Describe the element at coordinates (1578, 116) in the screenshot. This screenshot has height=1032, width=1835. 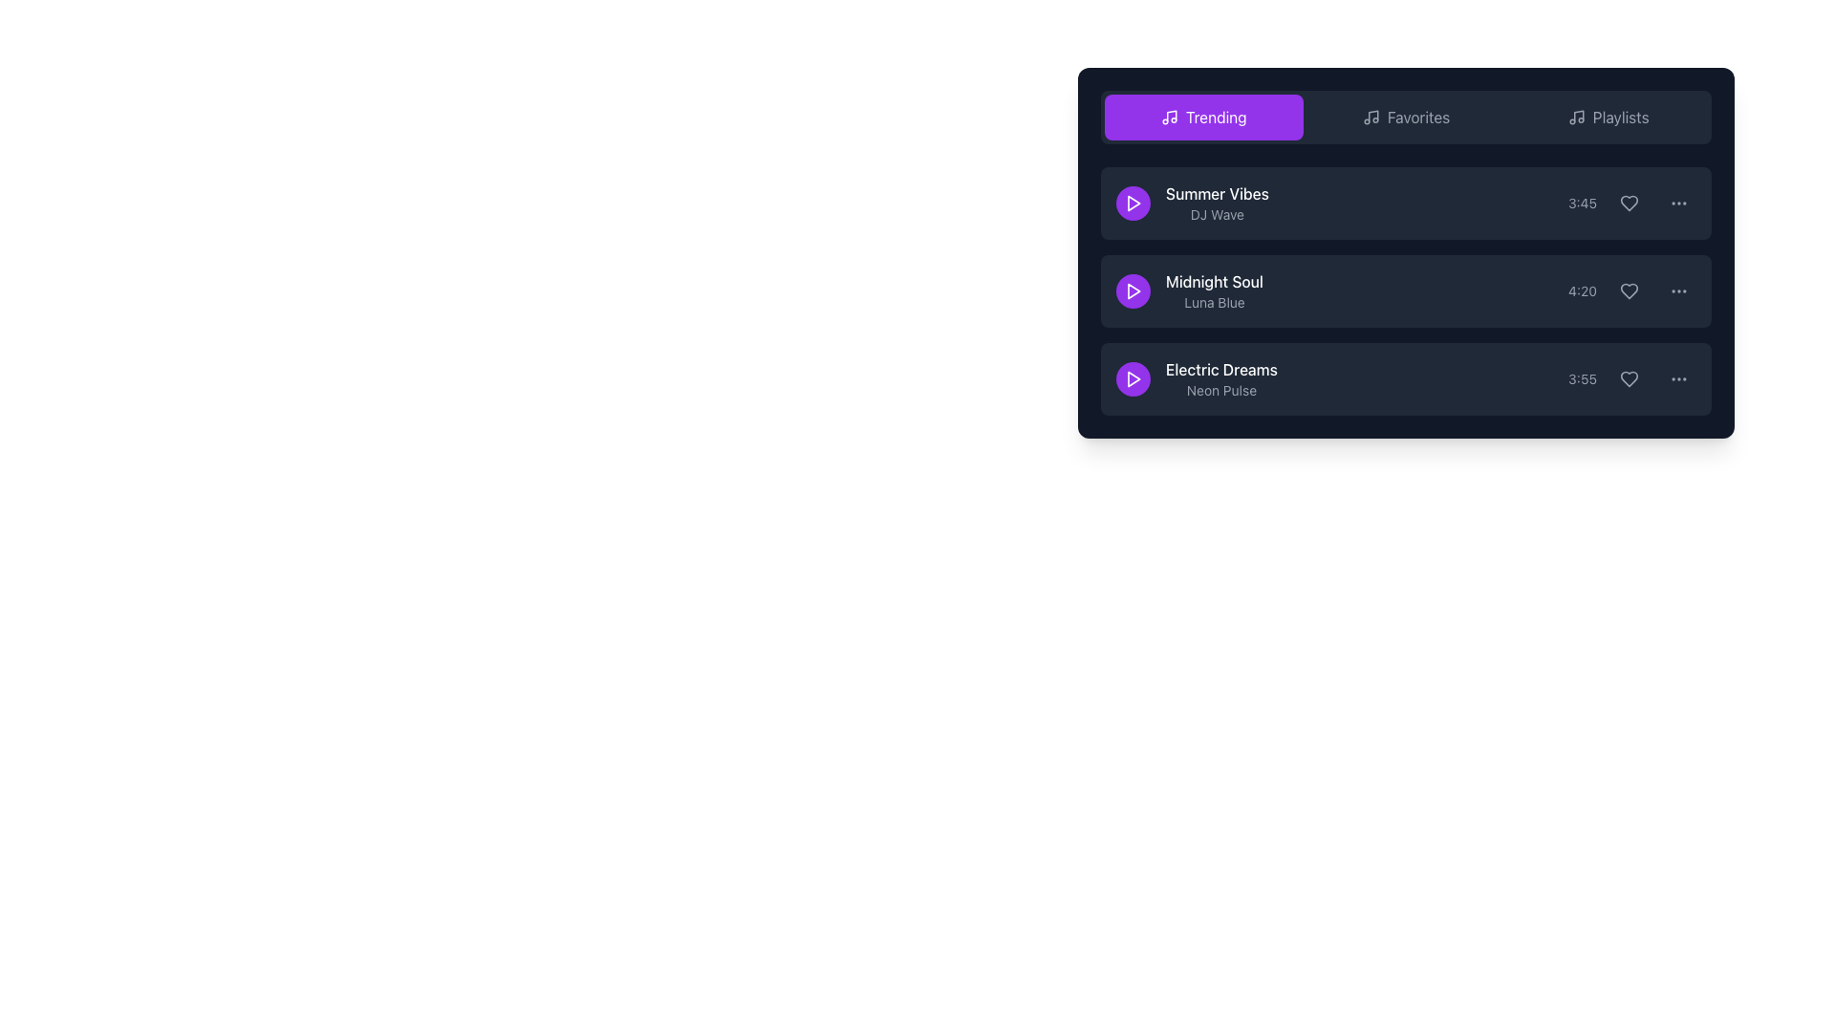
I see `the diagonal line of the musical note icon located within the 'Playlists' tab on the top-right corner of the dark menu bar` at that location.